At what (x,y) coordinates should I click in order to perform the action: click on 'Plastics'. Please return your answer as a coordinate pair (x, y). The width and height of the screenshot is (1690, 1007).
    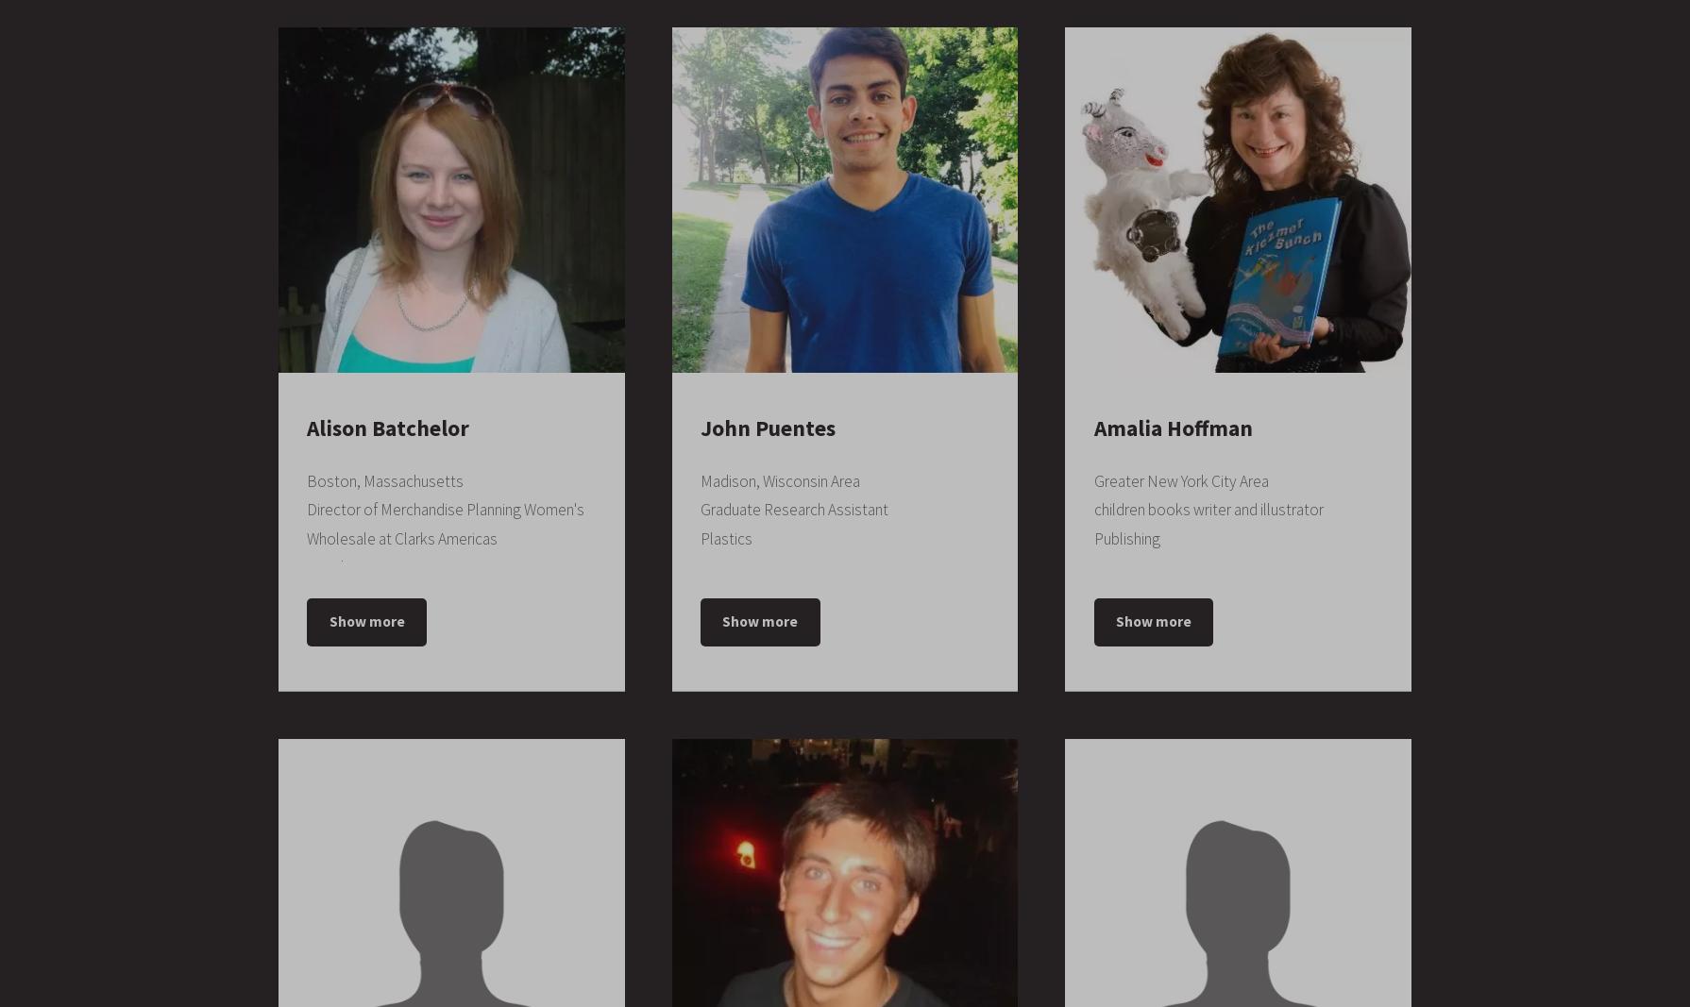
    Looking at the image, I should click on (724, 537).